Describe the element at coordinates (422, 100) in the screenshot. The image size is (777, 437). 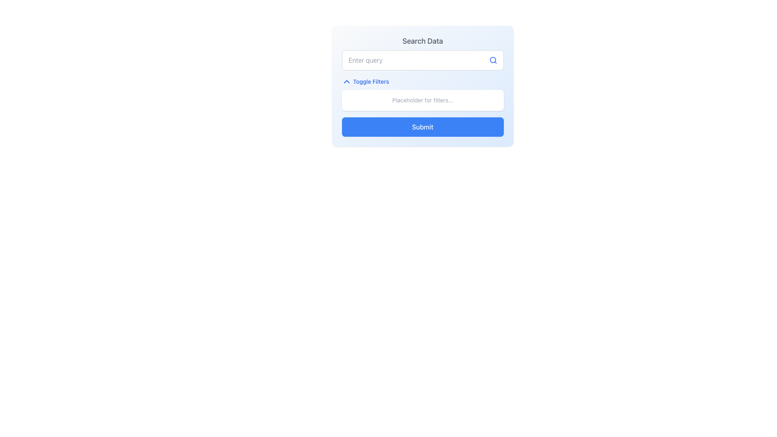
I see `the Text Label that serves as a placeholder for the content or input field related to filters, located below the 'Toggle Filters' label and above the 'Submit' button, centered horizontally within the section` at that location.